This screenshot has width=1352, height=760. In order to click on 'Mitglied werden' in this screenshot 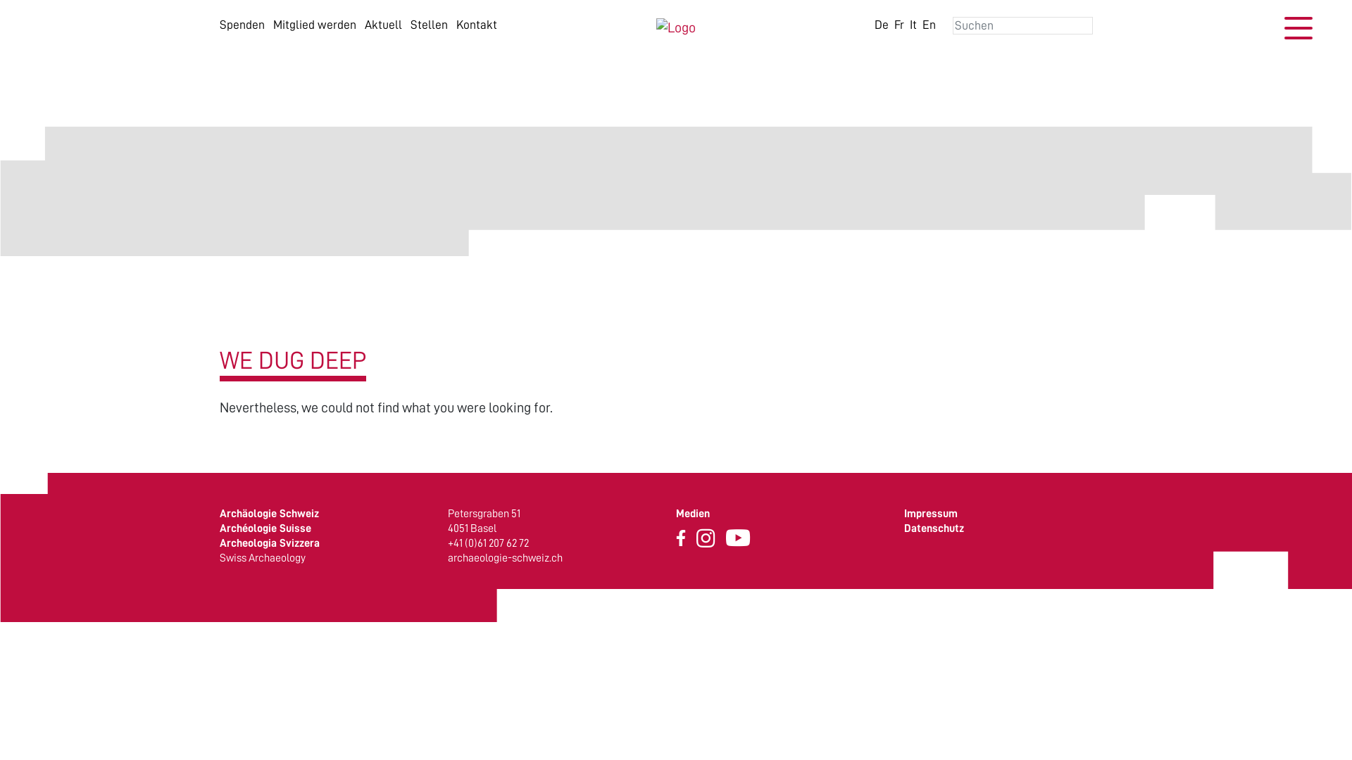, I will do `click(313, 24)`.